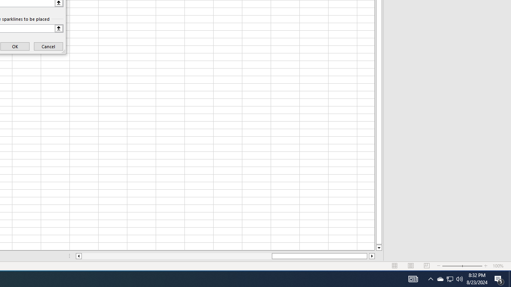 The height and width of the screenshot is (287, 511). I want to click on 'Zoom Out', so click(452, 266).